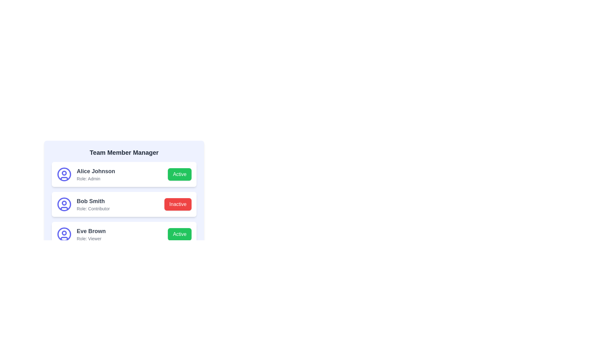 Image resolution: width=599 pixels, height=337 pixels. Describe the element at coordinates (179, 174) in the screenshot. I see `the toggle button for Alice Johnson to change or confirm their active status in the Team Member Manager` at that location.